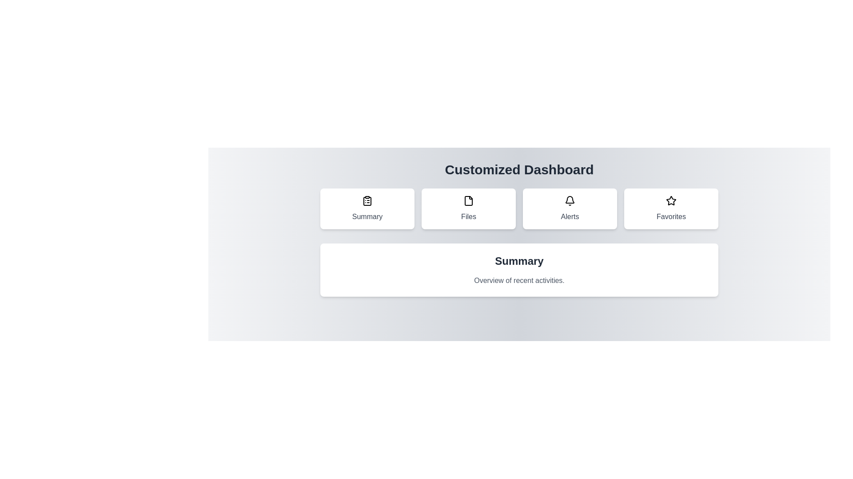 The height and width of the screenshot is (479, 853). I want to click on the 'Favorites' button, which is a rectangular card with a white background, rounded corners, a star icon at the top center, and medium gray text below it, so click(671, 208).